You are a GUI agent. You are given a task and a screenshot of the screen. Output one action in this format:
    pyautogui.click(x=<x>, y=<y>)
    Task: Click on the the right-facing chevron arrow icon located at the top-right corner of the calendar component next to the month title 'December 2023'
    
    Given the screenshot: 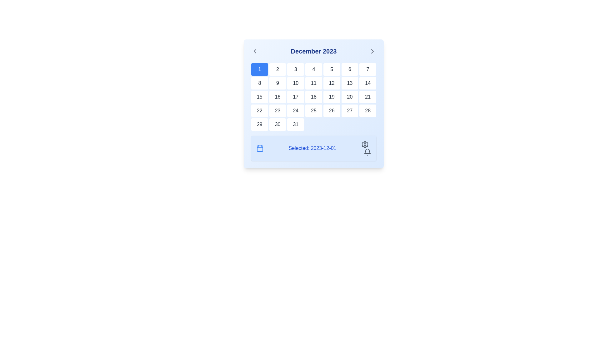 What is the action you would take?
    pyautogui.click(x=372, y=51)
    